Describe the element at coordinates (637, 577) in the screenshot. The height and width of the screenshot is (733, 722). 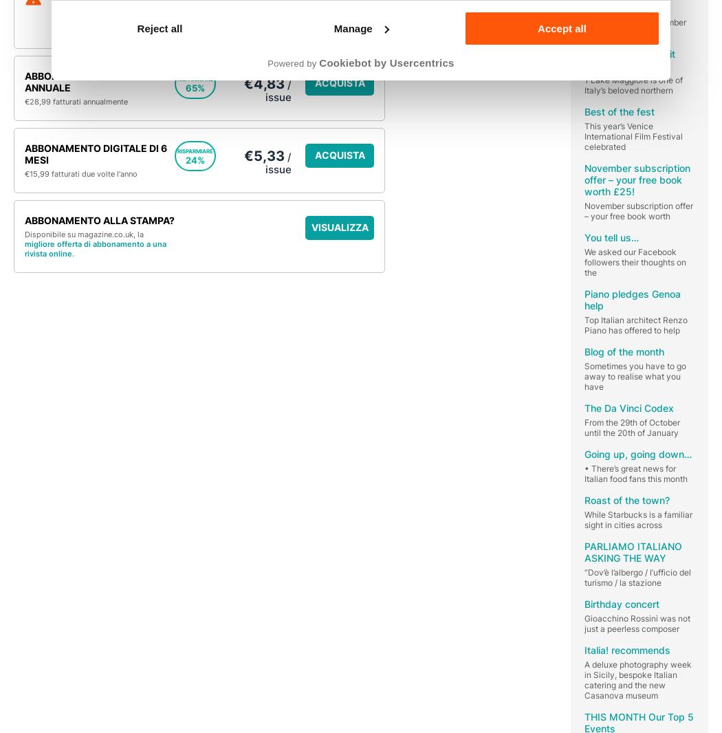
I see `'“Dov’è l’albergo / l’ufficio del turismo / la stazione'` at that location.